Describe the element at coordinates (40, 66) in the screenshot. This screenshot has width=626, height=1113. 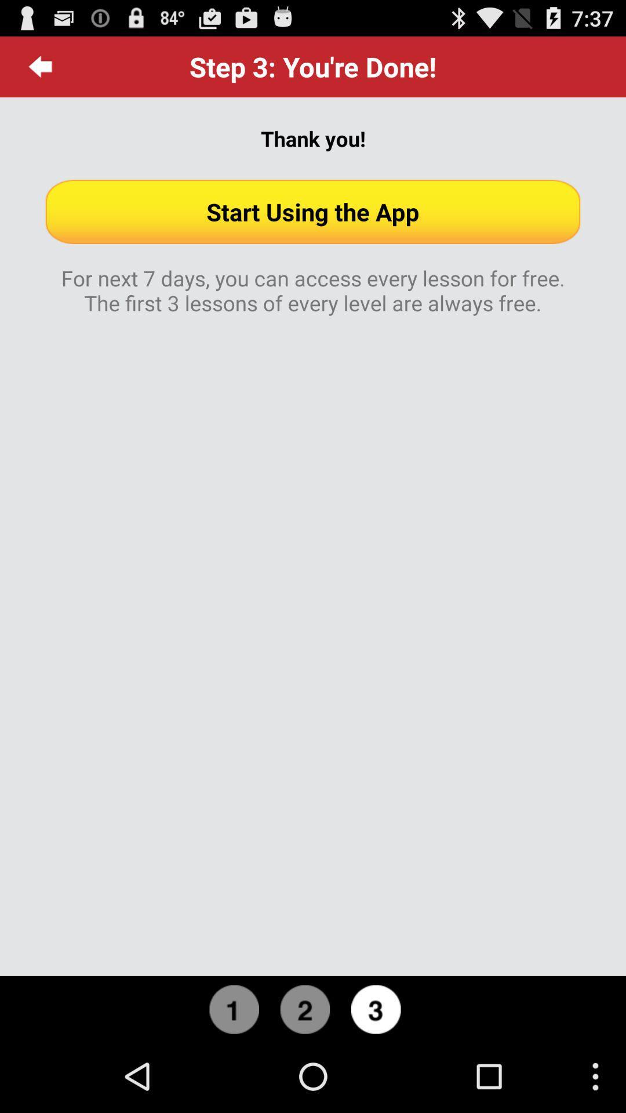
I see `the item to the left of the step 3 you icon` at that location.